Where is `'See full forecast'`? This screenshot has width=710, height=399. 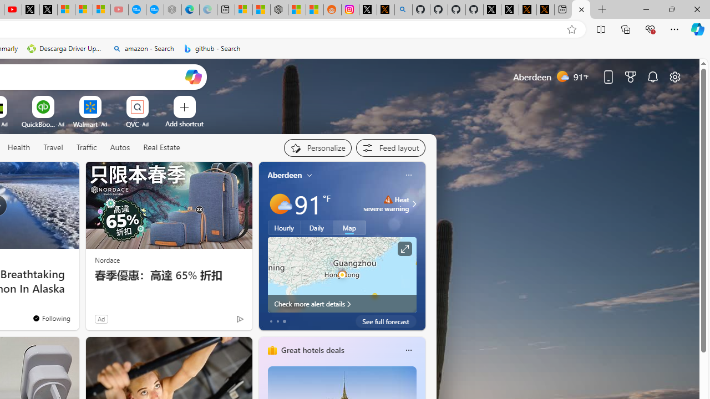
'See full forecast' is located at coordinates (386, 321).